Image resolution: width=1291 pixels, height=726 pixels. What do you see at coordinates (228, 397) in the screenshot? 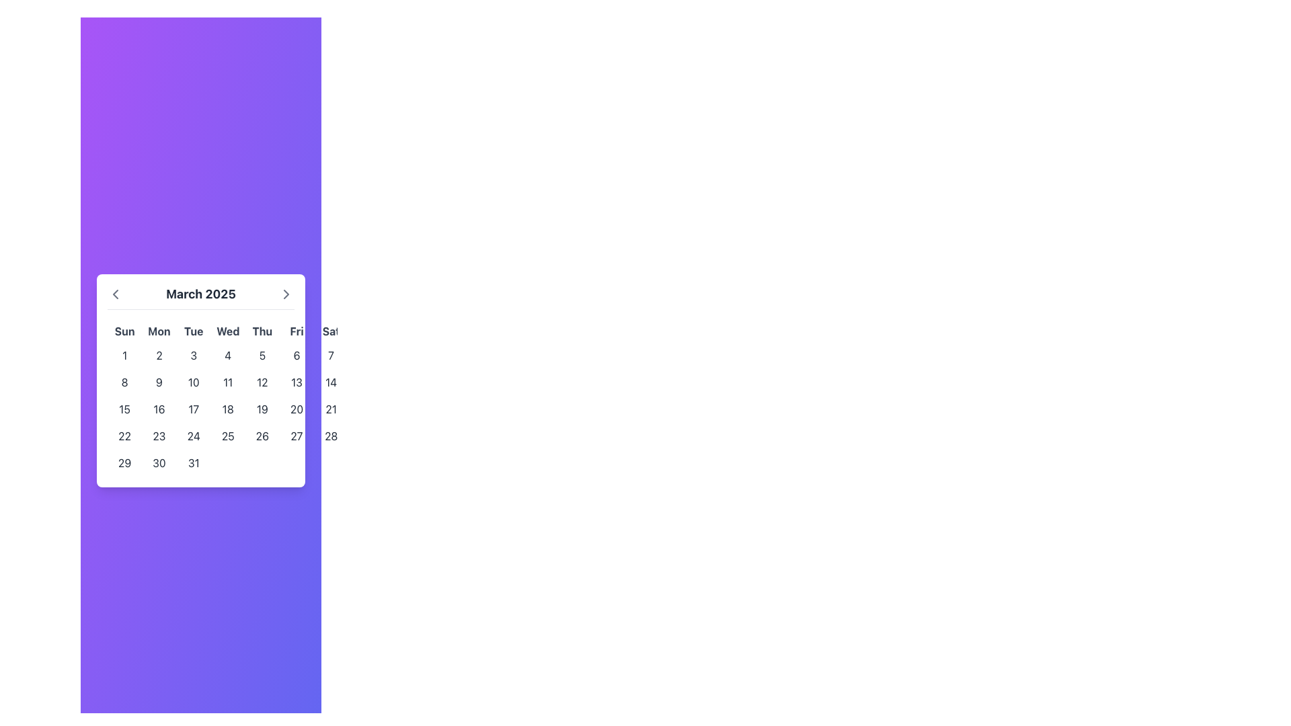
I see `the highlighted date cell in the March 2025 calendar table` at bounding box center [228, 397].